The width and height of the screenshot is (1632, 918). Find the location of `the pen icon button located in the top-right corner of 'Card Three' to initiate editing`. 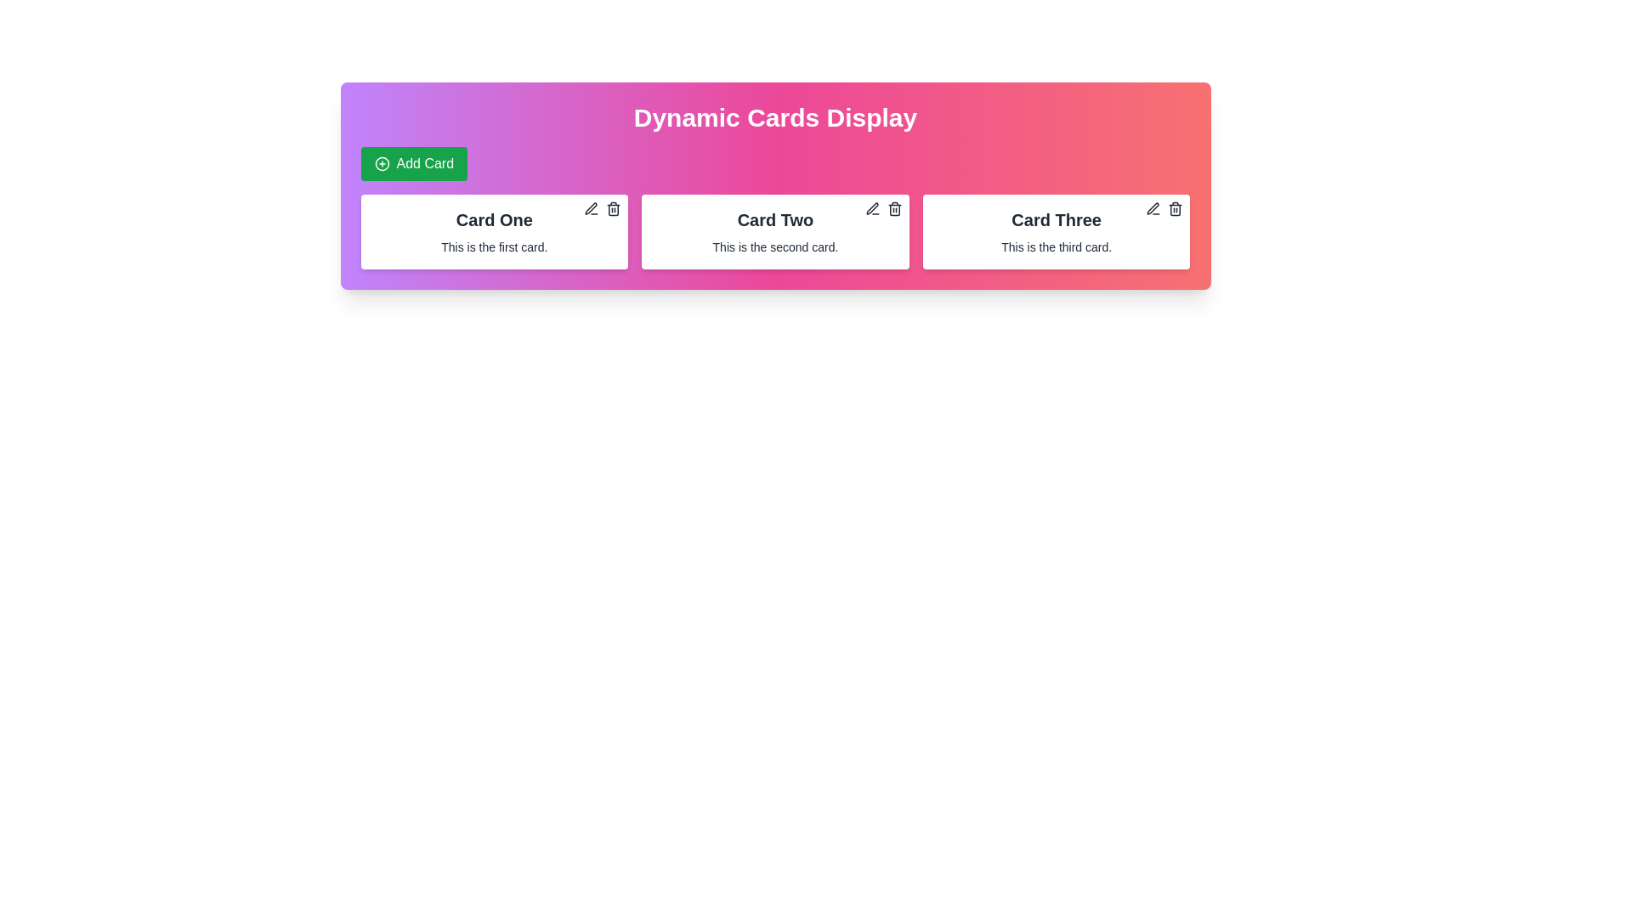

the pen icon button located in the top-right corner of 'Card Three' to initiate editing is located at coordinates (1153, 207).